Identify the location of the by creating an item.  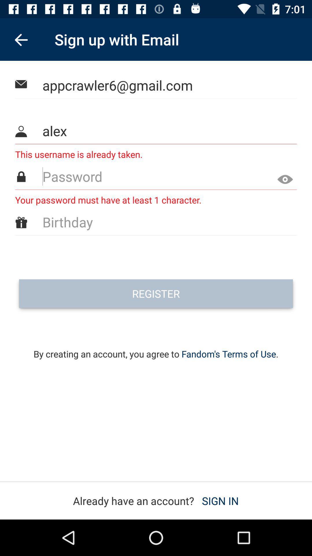
(156, 346).